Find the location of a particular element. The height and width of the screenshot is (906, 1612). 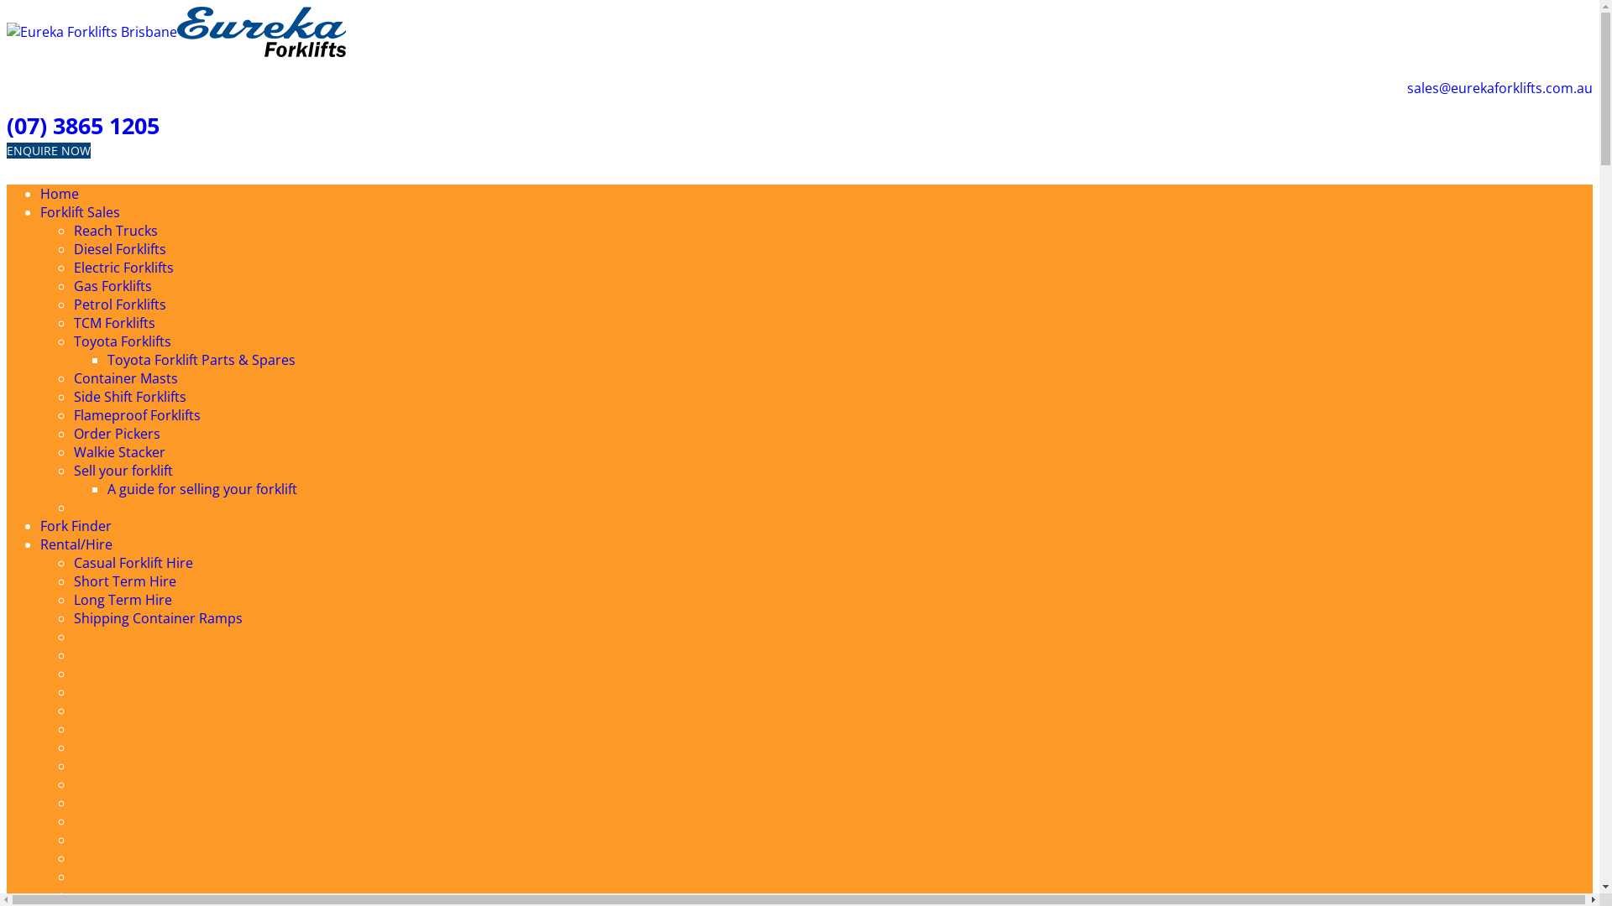

'Walkie Stacker' is located at coordinates (118, 451).